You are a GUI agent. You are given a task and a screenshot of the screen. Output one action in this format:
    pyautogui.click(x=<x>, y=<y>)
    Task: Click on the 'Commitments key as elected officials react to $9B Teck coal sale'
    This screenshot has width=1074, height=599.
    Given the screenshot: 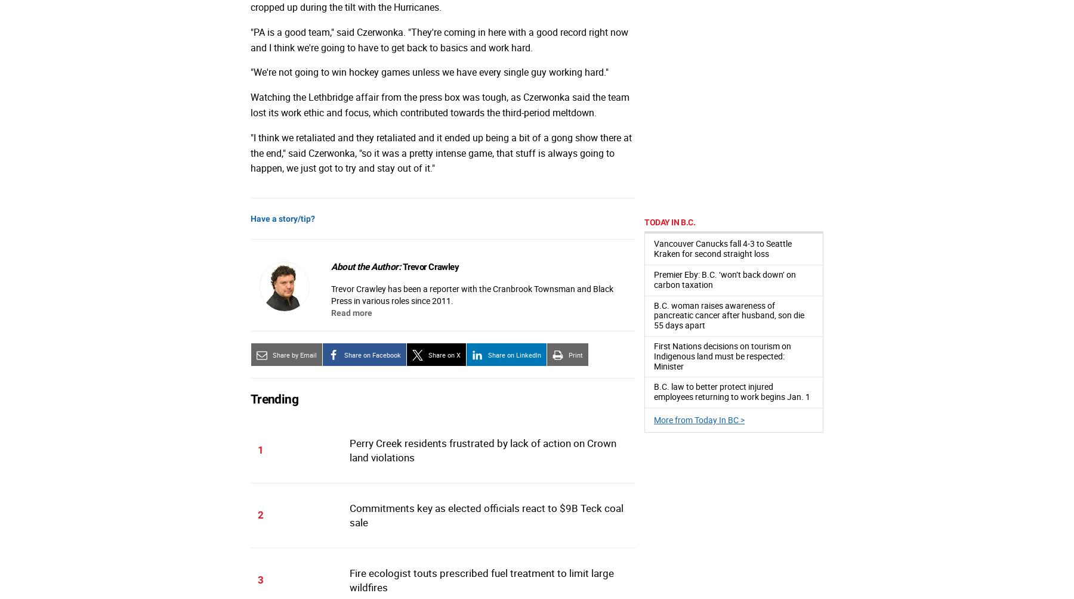 What is the action you would take?
    pyautogui.click(x=486, y=514)
    